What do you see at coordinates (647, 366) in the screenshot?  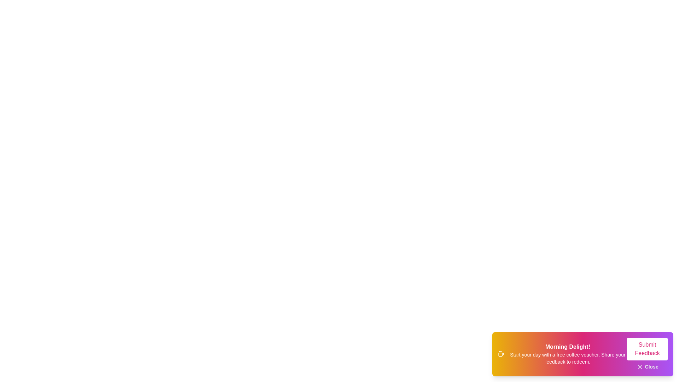 I see `the 'Close' button to hide the MorningEnergyBar` at bounding box center [647, 366].